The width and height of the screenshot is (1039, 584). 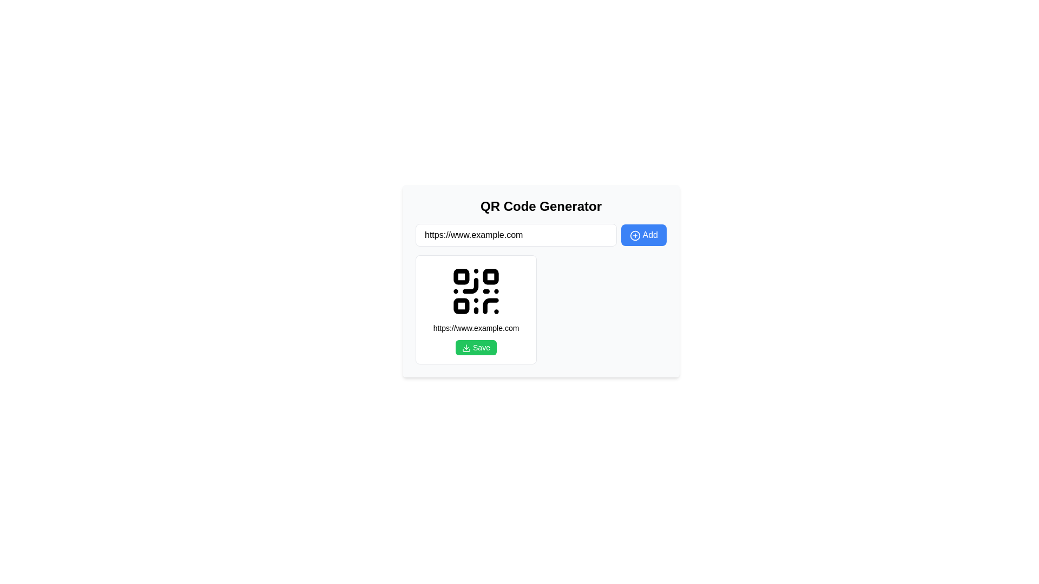 I want to click on the small square shape with rounded corners that is black and part of the QR code in the top-left quadrant, so click(x=461, y=276).